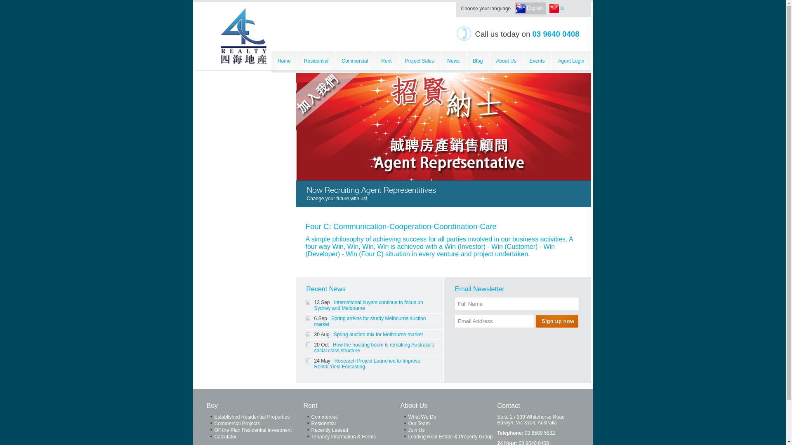 The height and width of the screenshot is (445, 792). What do you see at coordinates (370, 321) in the screenshot?
I see `'Spring arrives for sturdy Melbourne auction market'` at bounding box center [370, 321].